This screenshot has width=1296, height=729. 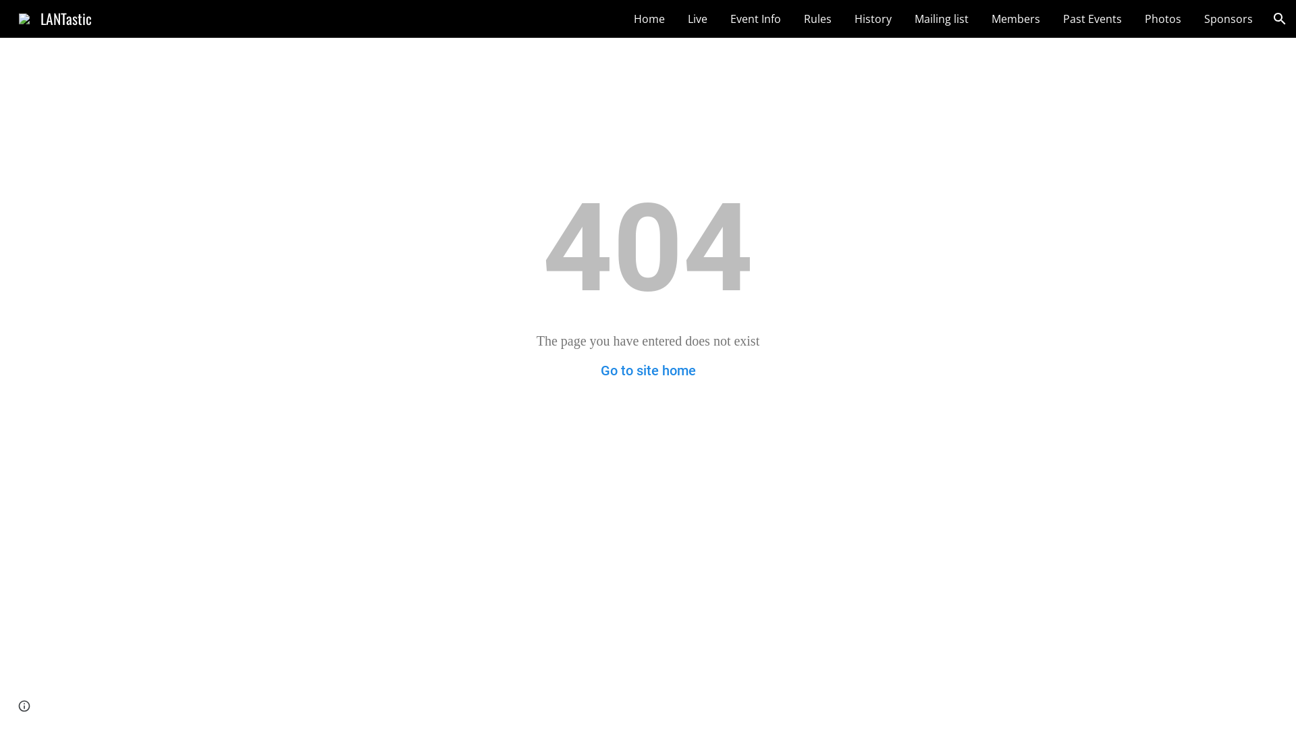 I want to click on 'Mailing list', so click(x=941, y=18).